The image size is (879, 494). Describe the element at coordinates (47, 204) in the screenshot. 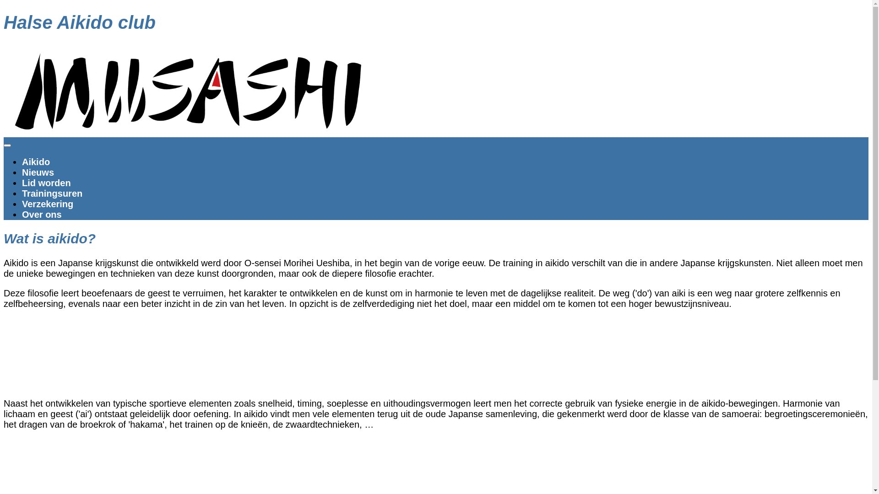

I see `'Verzekering'` at that location.